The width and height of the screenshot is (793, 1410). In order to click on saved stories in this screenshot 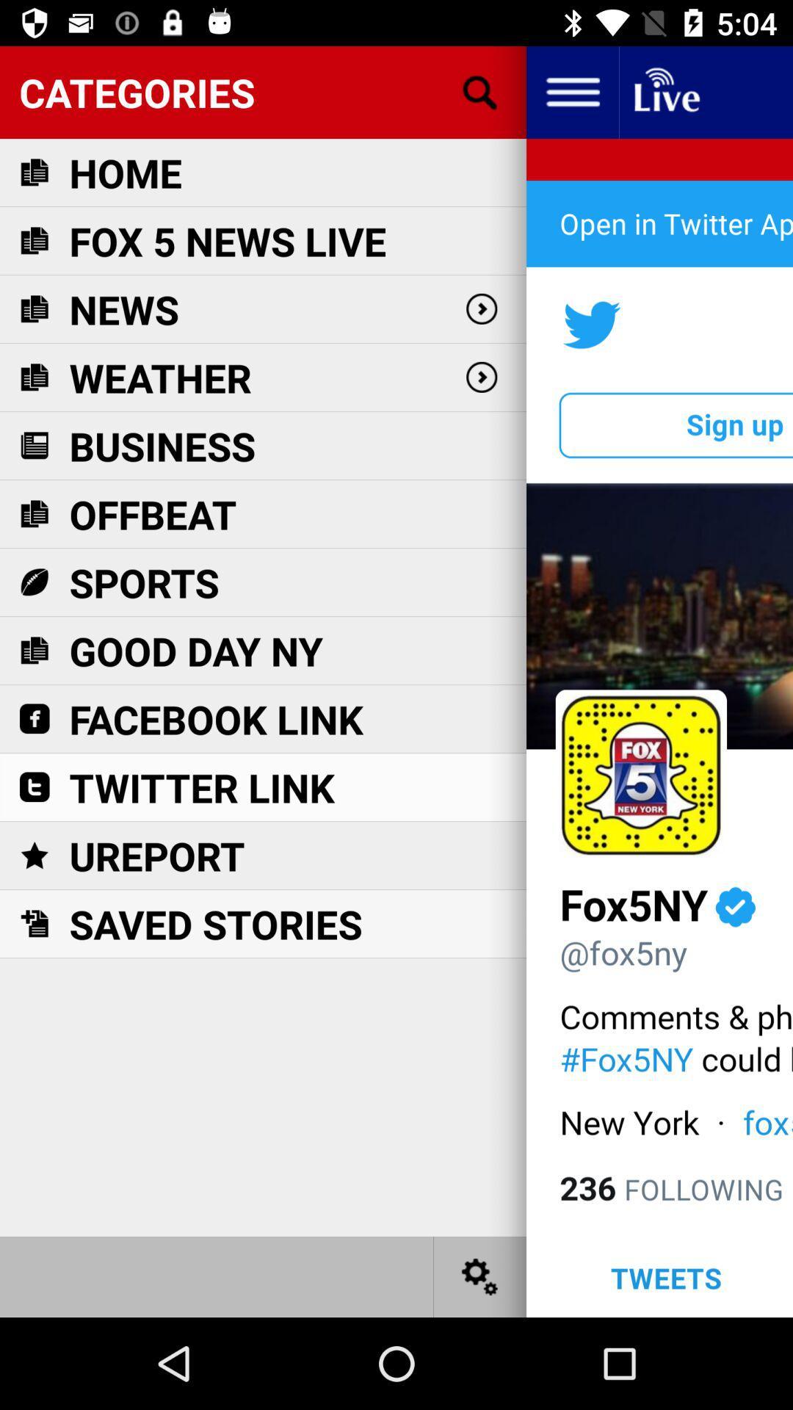, I will do `click(215, 923)`.